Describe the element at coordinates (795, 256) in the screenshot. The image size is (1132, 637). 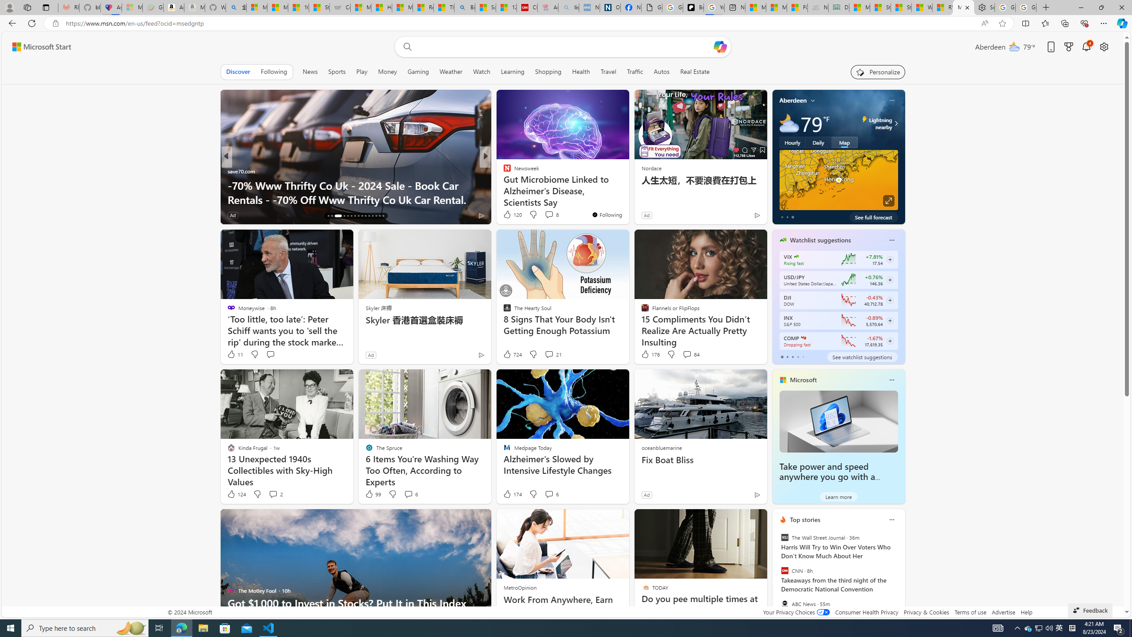
I see `'CBOE Market Volatility Index'` at that location.